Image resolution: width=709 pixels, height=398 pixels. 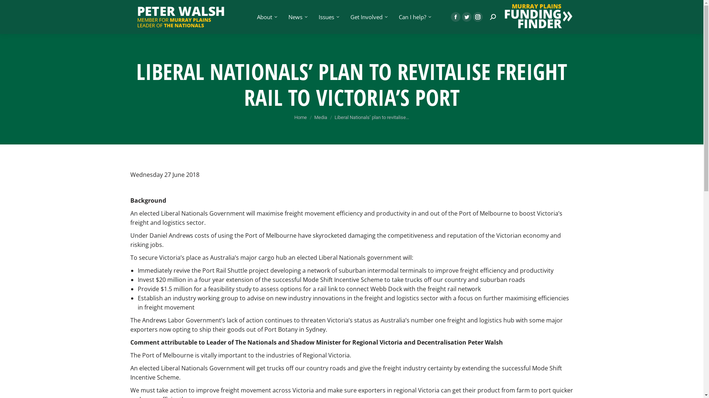 I want to click on 'Home', so click(x=301, y=117).